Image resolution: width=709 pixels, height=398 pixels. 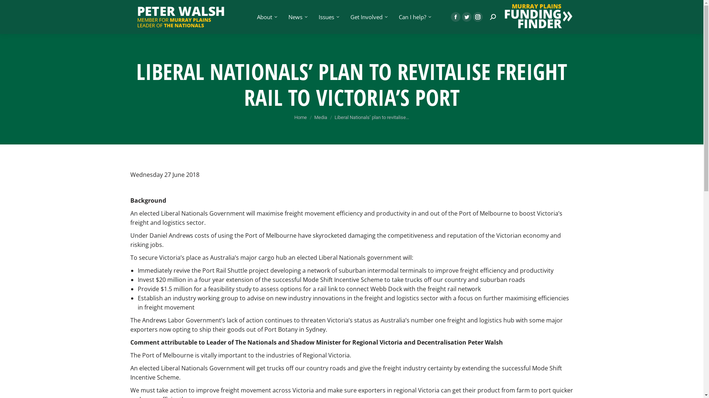 I want to click on 'Home', so click(x=301, y=117).